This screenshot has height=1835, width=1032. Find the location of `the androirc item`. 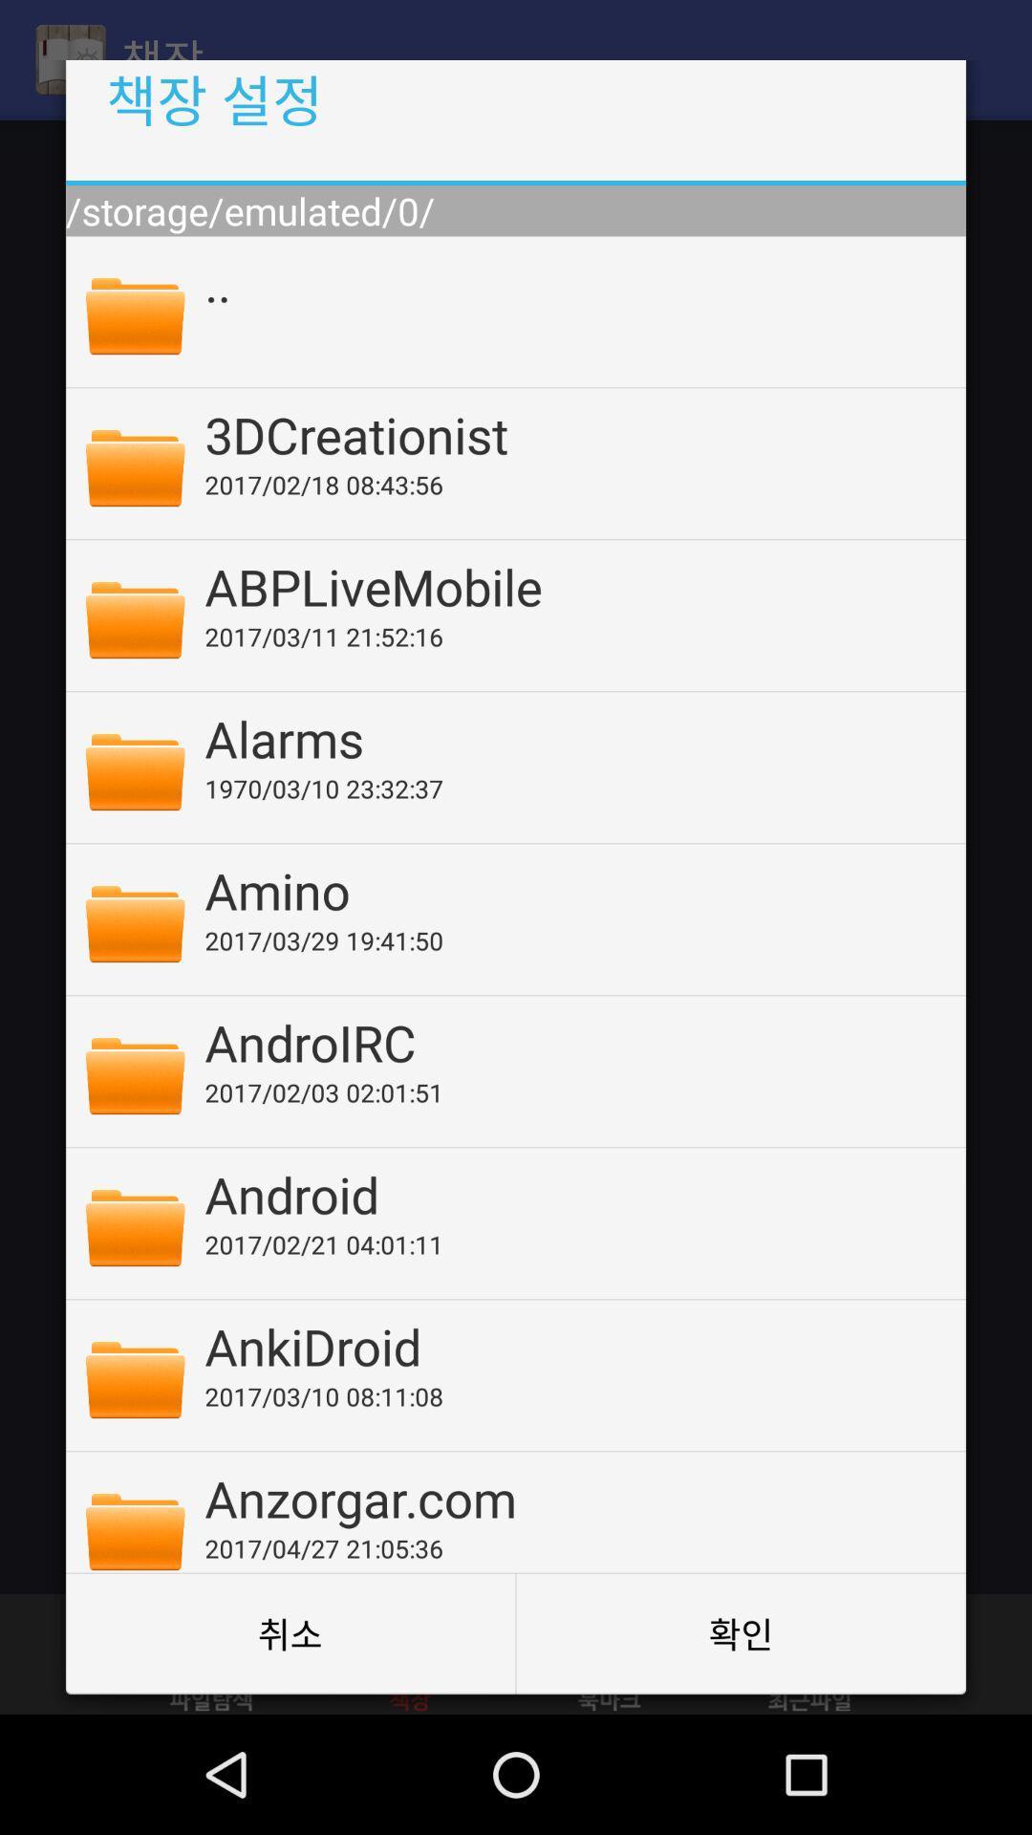

the androirc item is located at coordinates (571, 1041).